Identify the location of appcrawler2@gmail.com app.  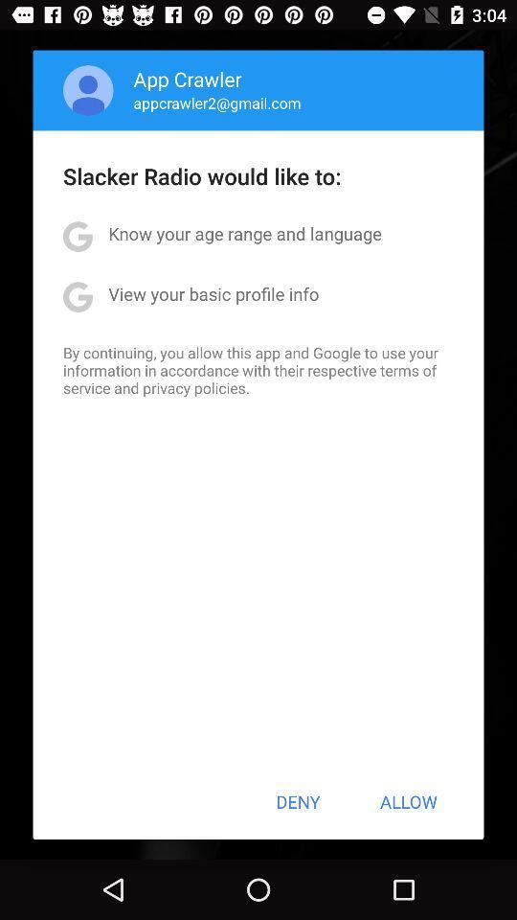
(216, 103).